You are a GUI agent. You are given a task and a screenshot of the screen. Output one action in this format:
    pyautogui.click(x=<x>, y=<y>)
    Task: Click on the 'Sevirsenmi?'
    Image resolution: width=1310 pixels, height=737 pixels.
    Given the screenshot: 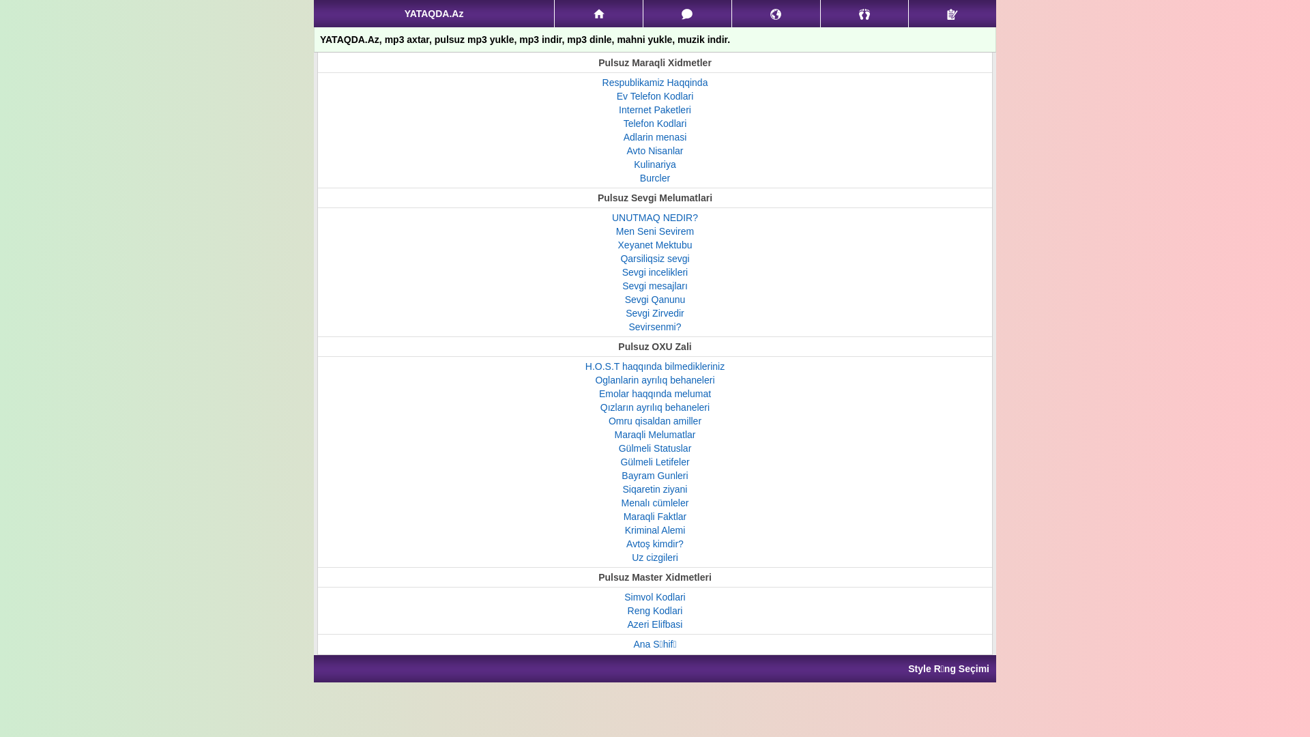 What is the action you would take?
    pyautogui.click(x=654, y=326)
    